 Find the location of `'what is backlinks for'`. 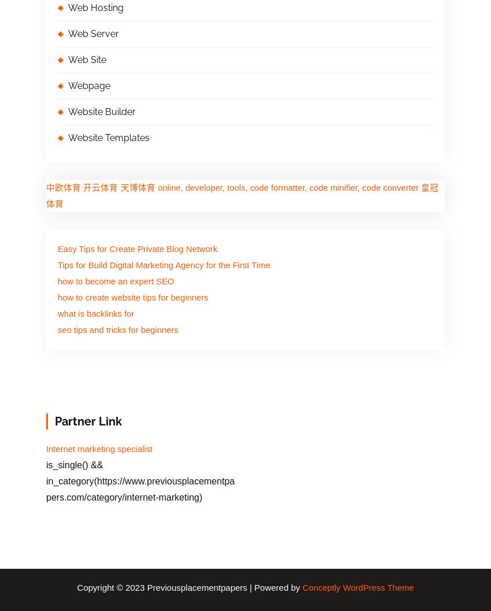

'what is backlinks for' is located at coordinates (96, 313).